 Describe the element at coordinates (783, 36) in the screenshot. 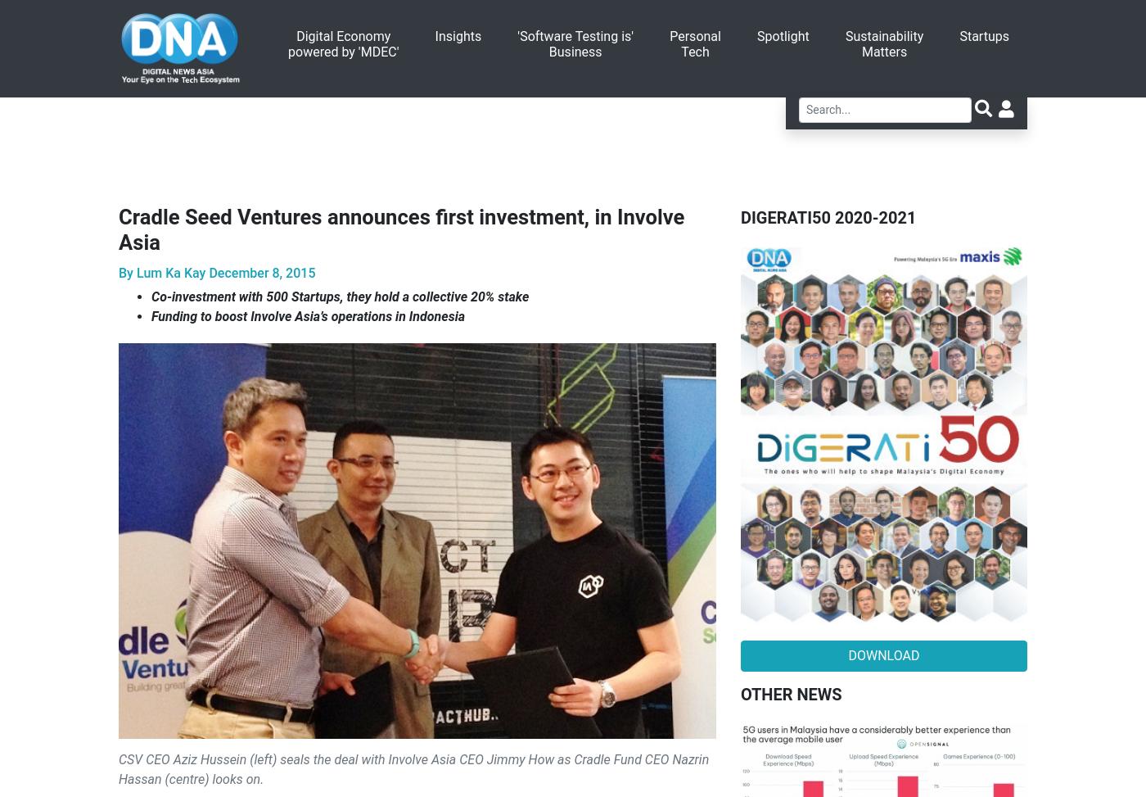

I see `'Spotlight'` at that location.